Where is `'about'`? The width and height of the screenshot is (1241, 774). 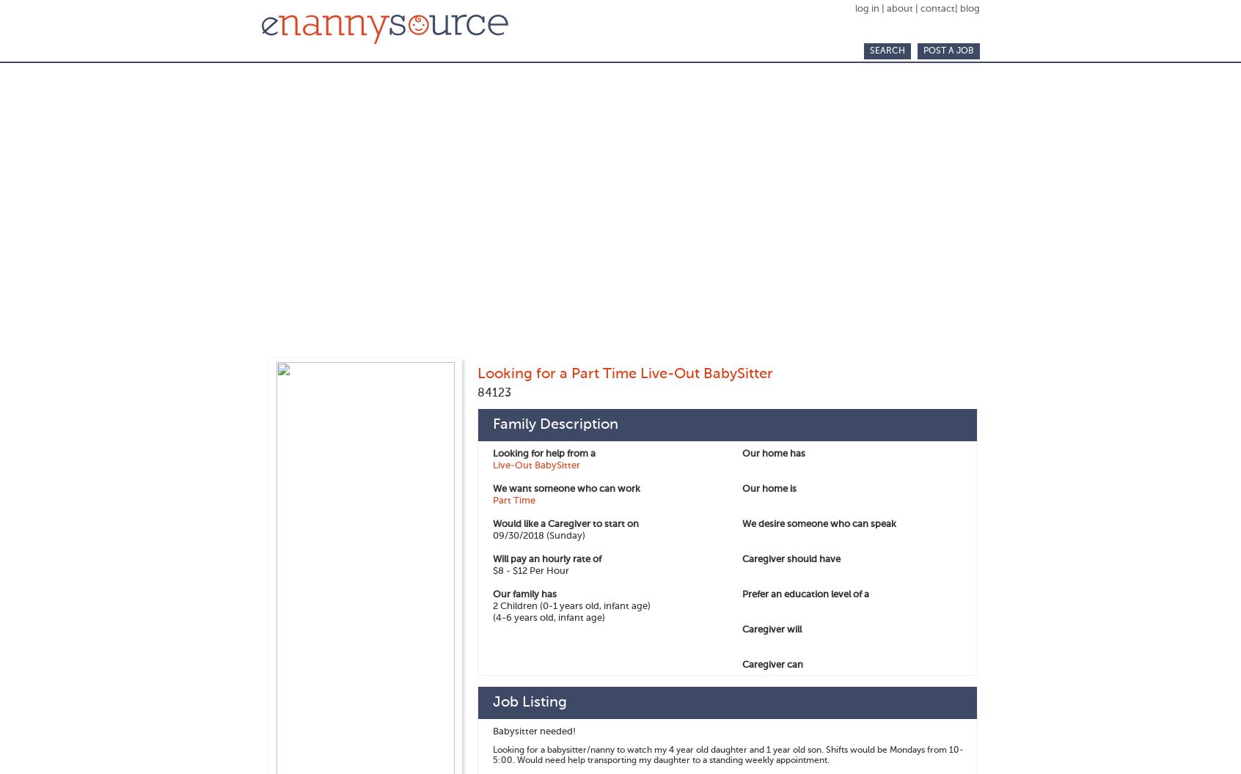 'about' is located at coordinates (886, 9).